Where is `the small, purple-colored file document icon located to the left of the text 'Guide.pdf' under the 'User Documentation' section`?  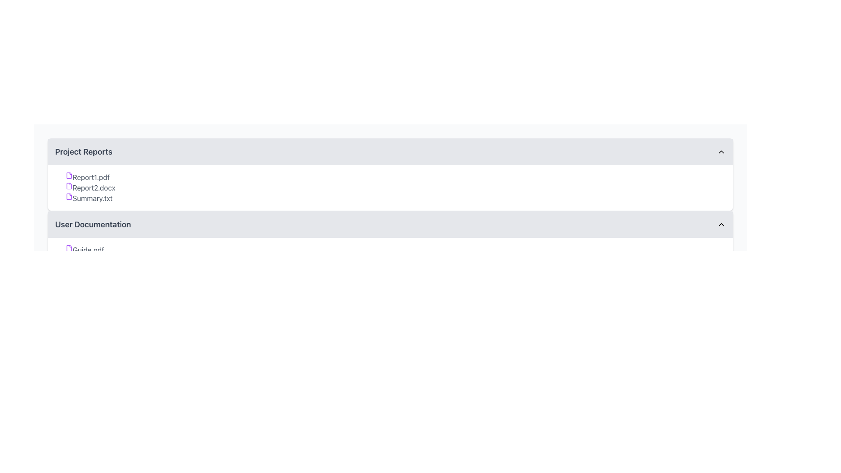
the small, purple-colored file document icon located to the left of the text 'Guide.pdf' under the 'User Documentation' section is located at coordinates (69, 248).